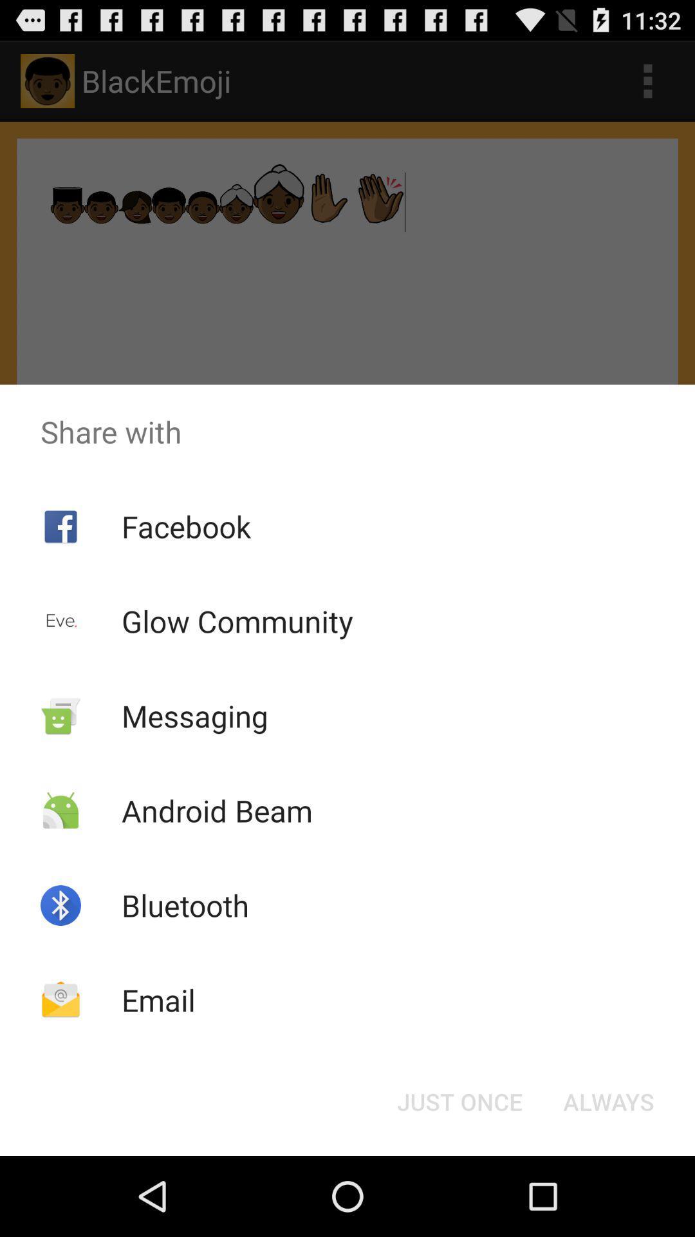 This screenshot has height=1237, width=695. What do you see at coordinates (158, 999) in the screenshot?
I see `the item below the bluetooth app` at bounding box center [158, 999].